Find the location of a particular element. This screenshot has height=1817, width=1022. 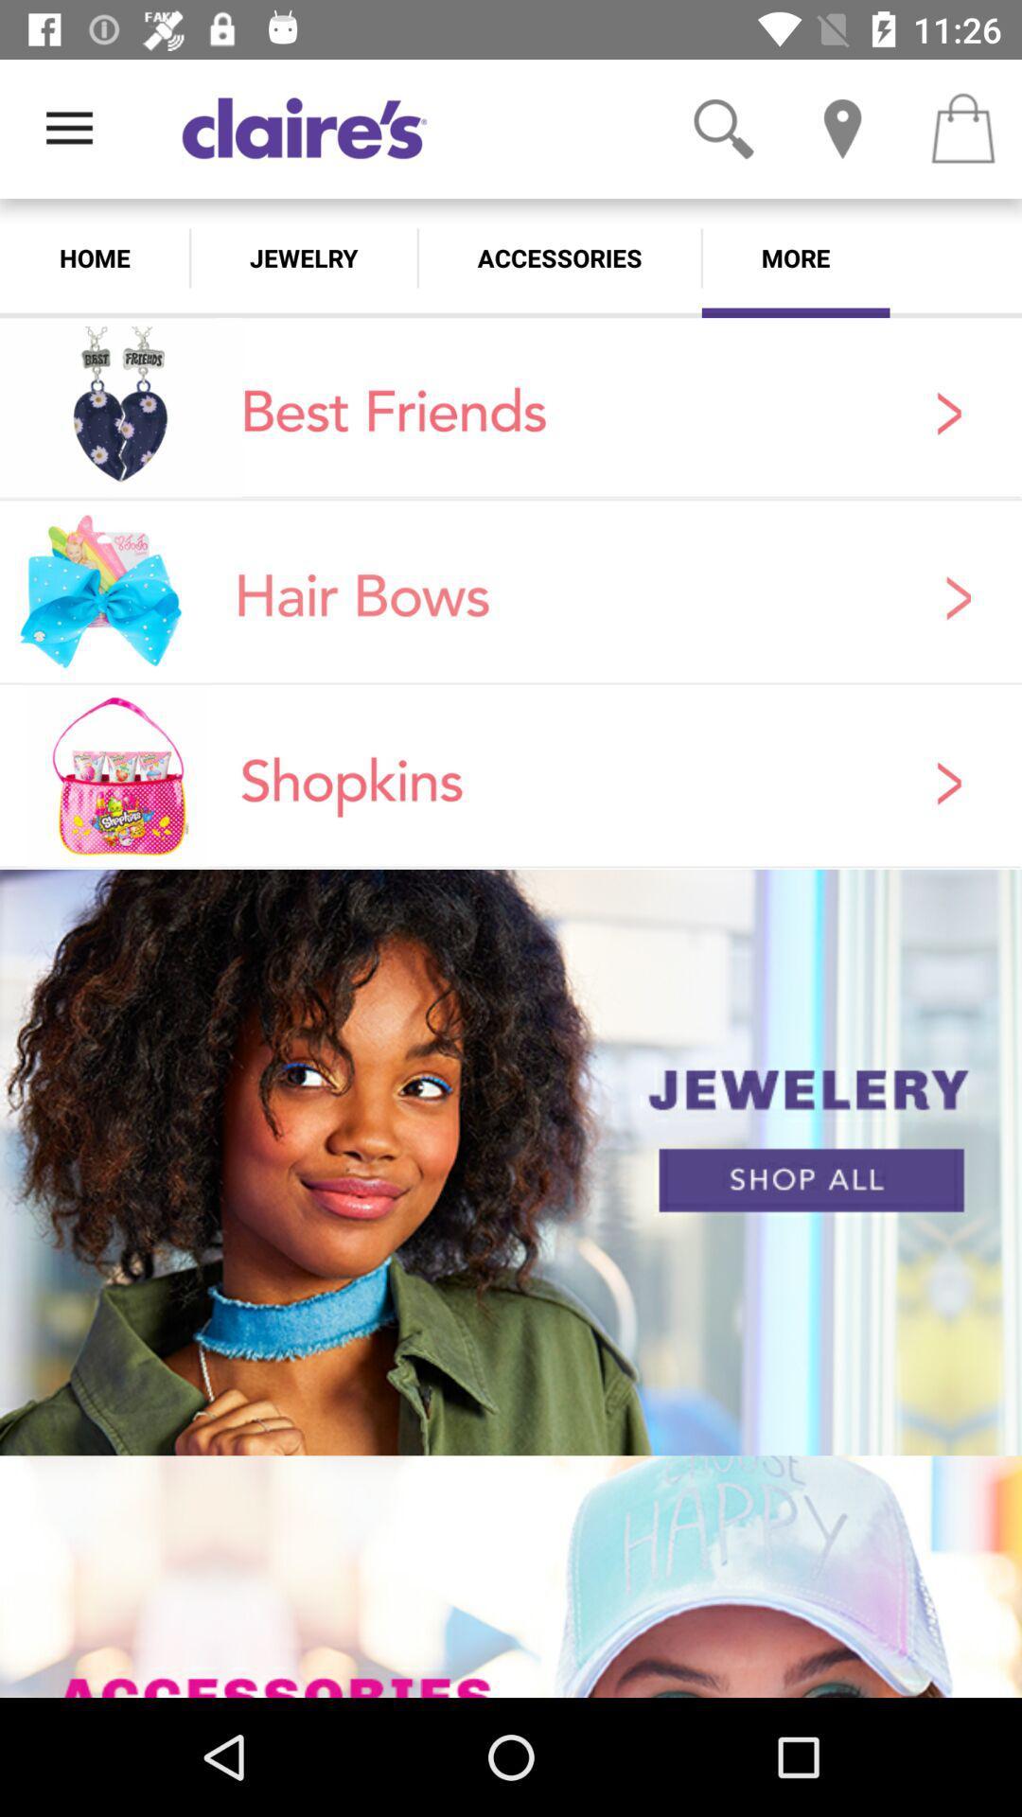

the icon next to the home icon is located at coordinates (303, 257).